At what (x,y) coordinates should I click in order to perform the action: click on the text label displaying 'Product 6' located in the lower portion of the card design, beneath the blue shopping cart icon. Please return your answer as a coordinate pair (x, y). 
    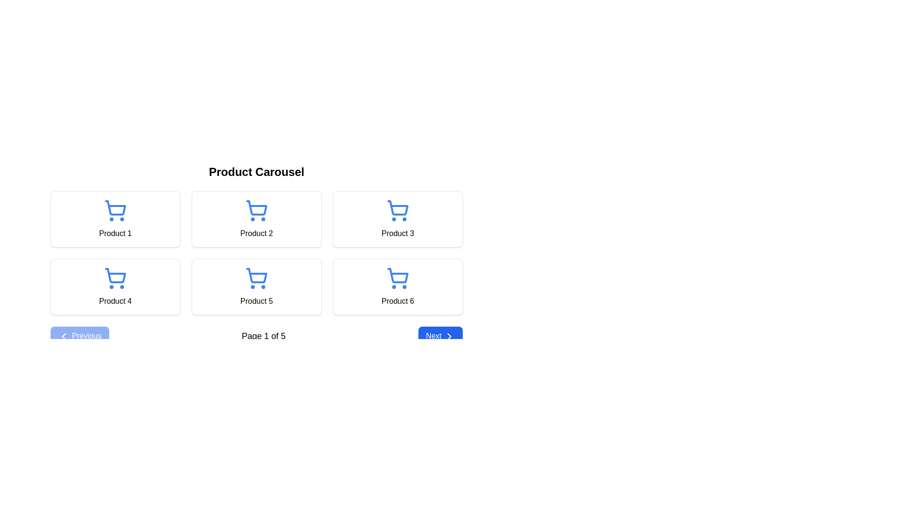
    Looking at the image, I should click on (398, 301).